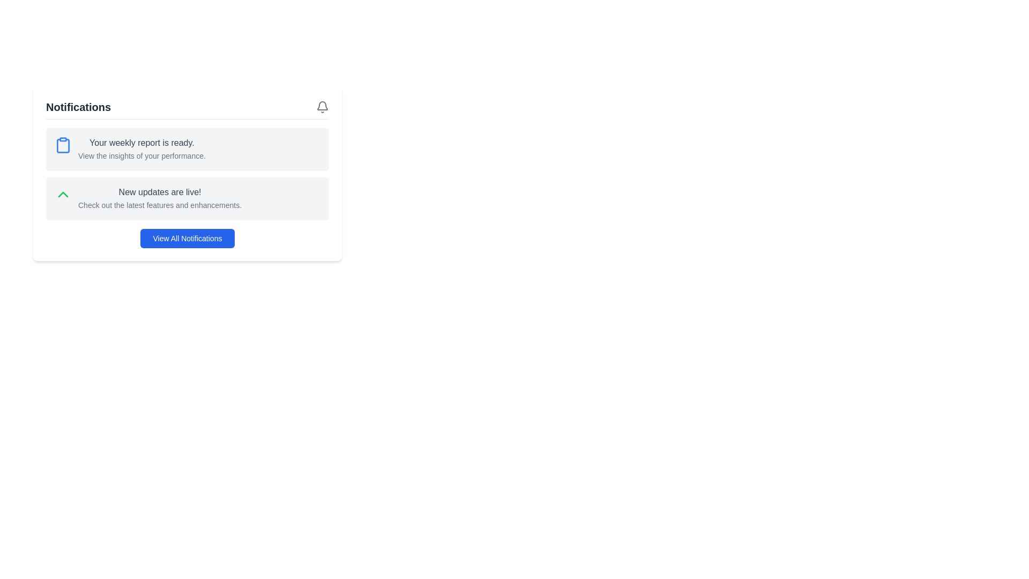 The width and height of the screenshot is (1029, 579). What do you see at coordinates (188, 237) in the screenshot?
I see `the notification button located at the bottom of the notification panel` at bounding box center [188, 237].